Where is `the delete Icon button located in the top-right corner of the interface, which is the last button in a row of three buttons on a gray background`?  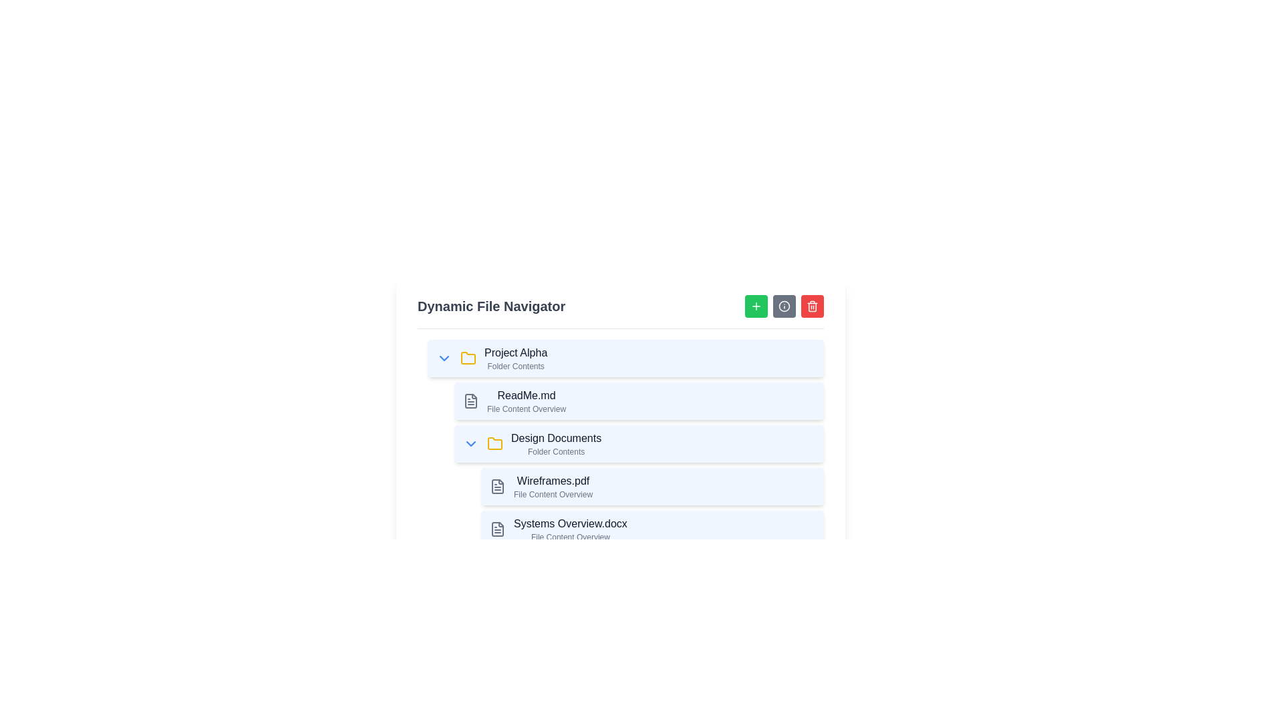
the delete Icon button located in the top-right corner of the interface, which is the last button in a row of three buttons on a gray background is located at coordinates (811, 306).